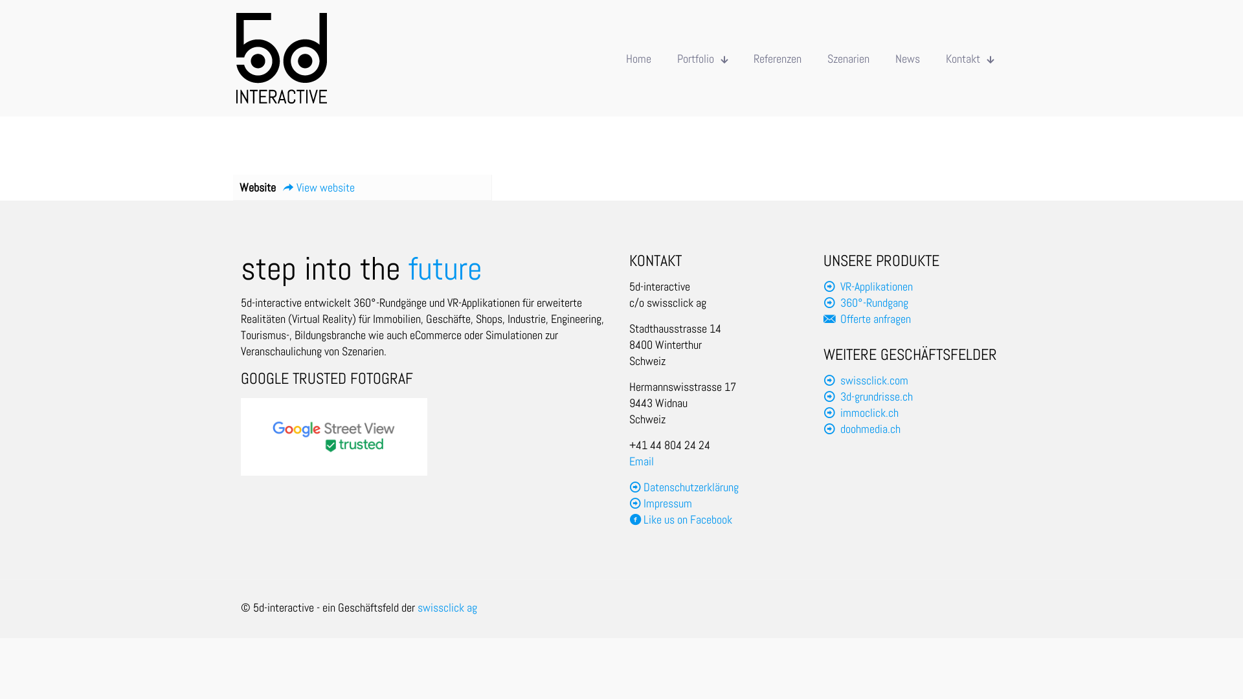 The image size is (1243, 699). I want to click on 'doohmedia.ch', so click(870, 428).